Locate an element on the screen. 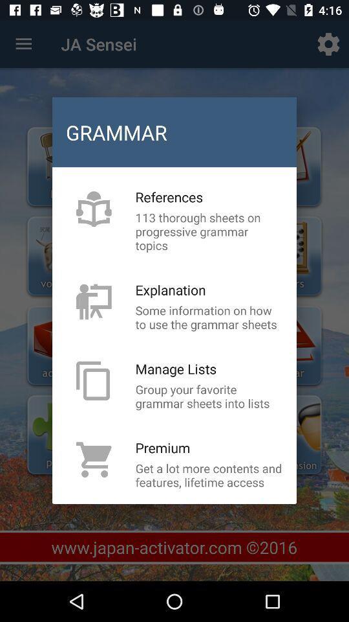 The width and height of the screenshot is (349, 622). the item below the explanation item is located at coordinates (209, 316).